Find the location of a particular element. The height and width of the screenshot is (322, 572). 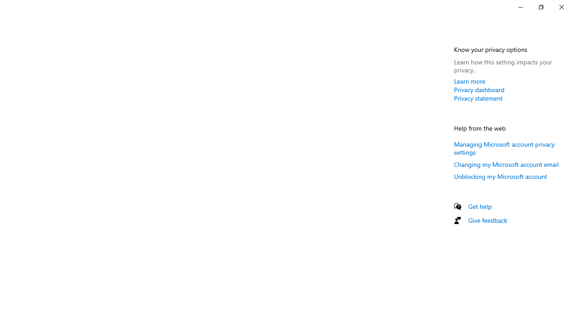

'Get help' is located at coordinates (479, 206).